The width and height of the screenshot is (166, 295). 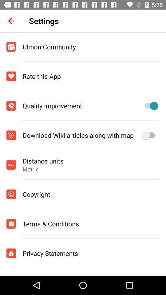 I want to click on download toggle switch that turns on and off access to wiki articles associated with map, so click(x=149, y=135).